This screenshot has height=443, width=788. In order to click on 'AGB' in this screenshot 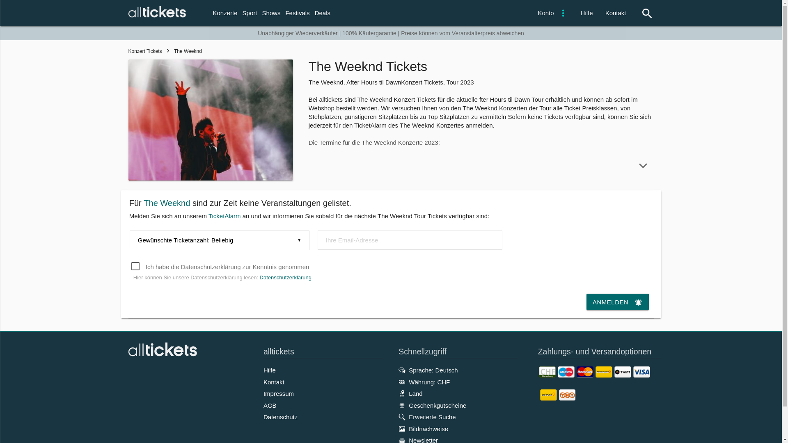, I will do `click(270, 405)`.